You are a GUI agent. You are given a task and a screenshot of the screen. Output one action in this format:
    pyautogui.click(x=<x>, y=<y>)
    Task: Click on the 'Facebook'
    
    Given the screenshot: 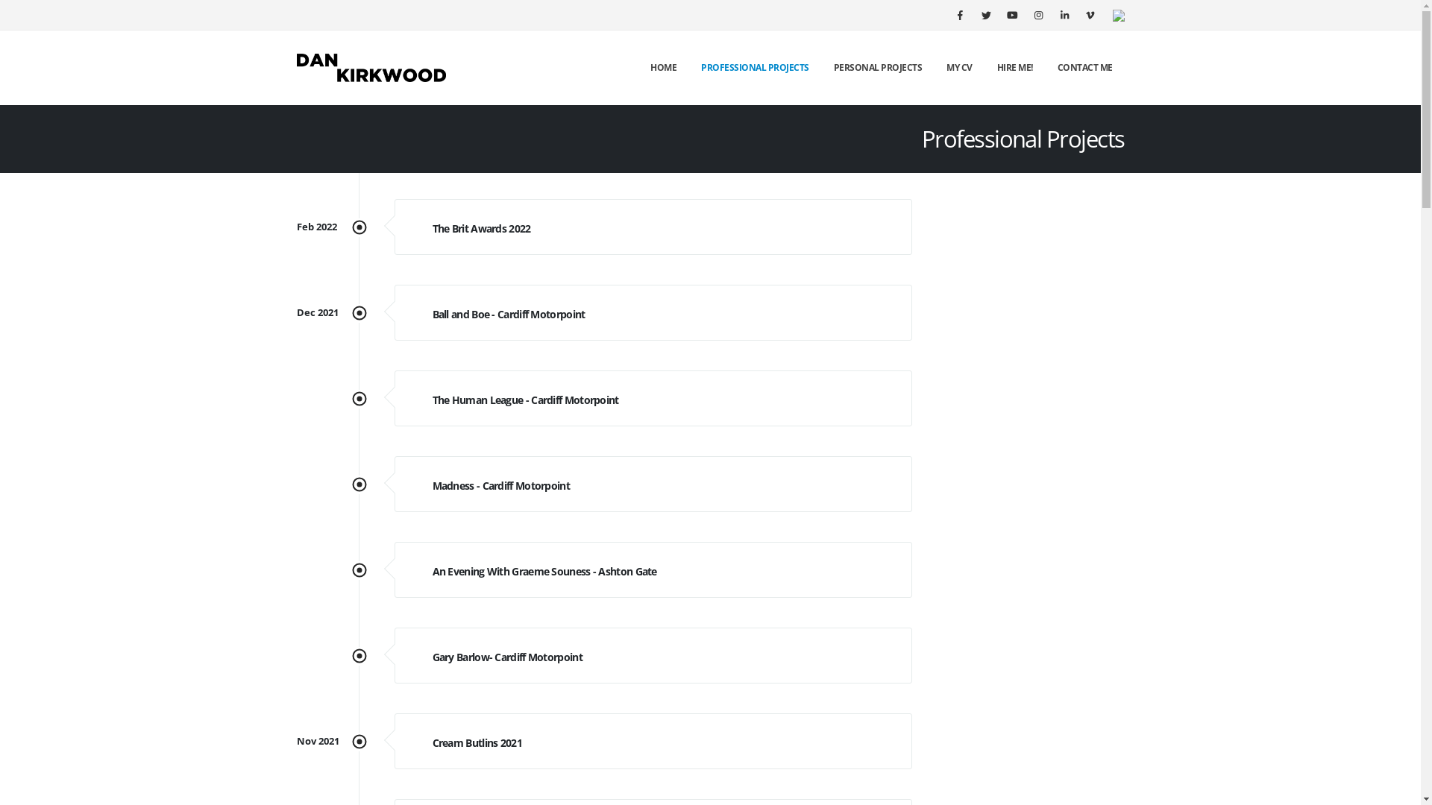 What is the action you would take?
    pyautogui.click(x=959, y=14)
    